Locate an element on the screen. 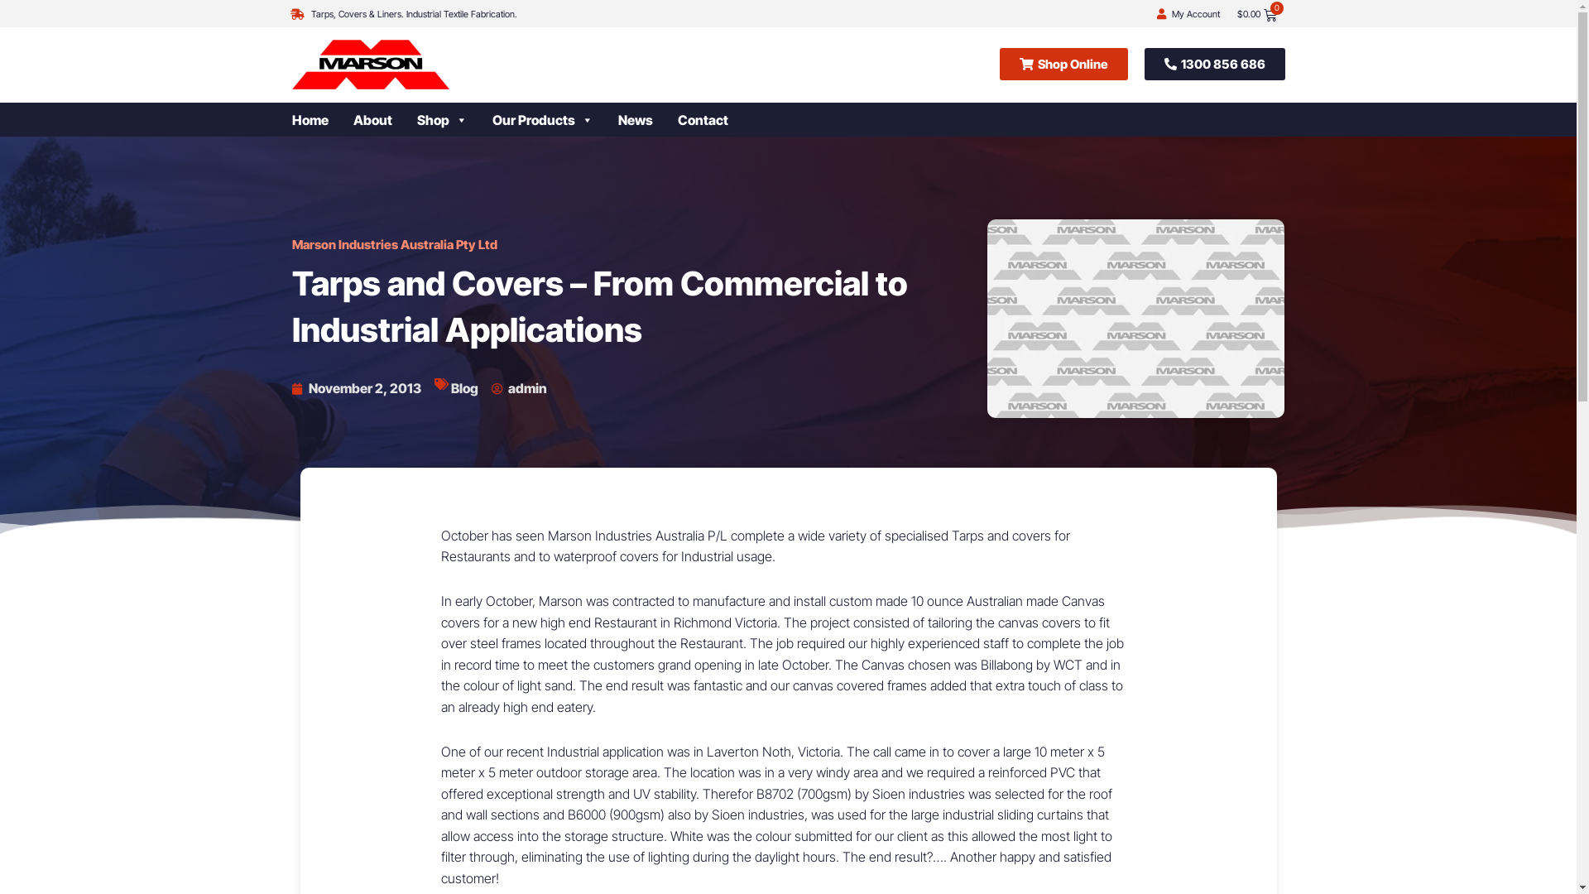  'Our Products' is located at coordinates (554, 119).